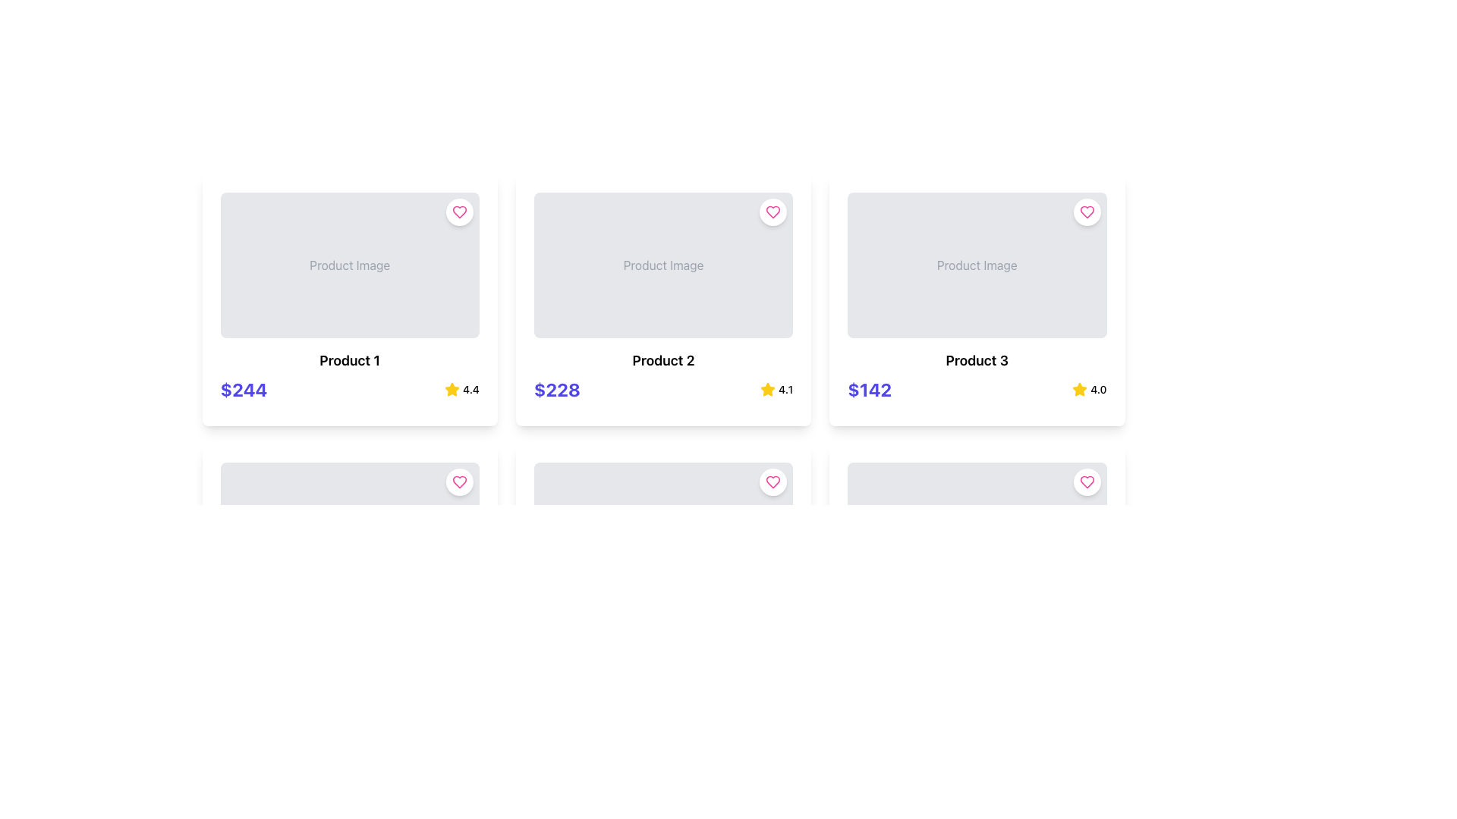  I want to click on the text label displaying 'Product 3' in bold black font, so click(977, 360).